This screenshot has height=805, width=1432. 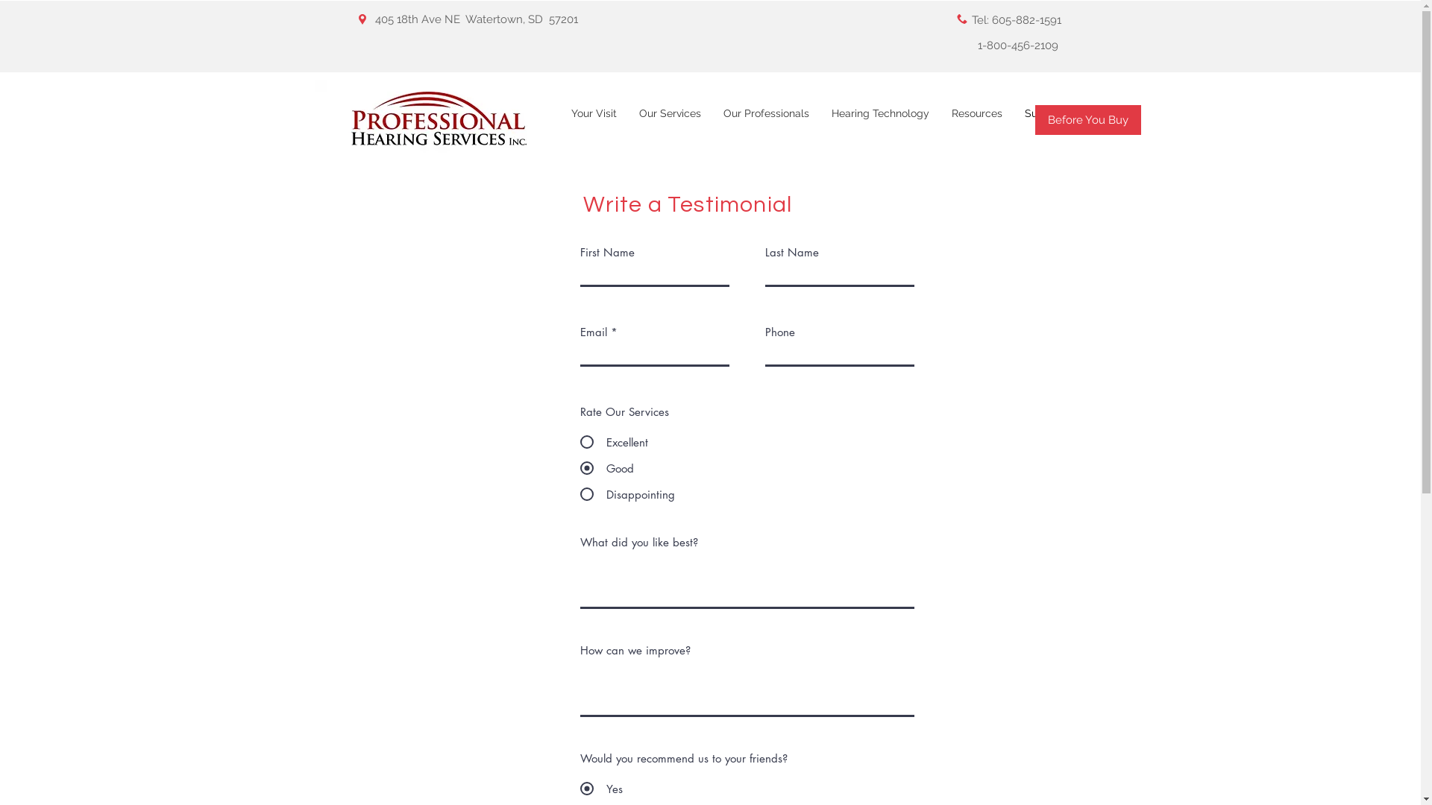 I want to click on 'Hearing Technology', so click(x=880, y=119).